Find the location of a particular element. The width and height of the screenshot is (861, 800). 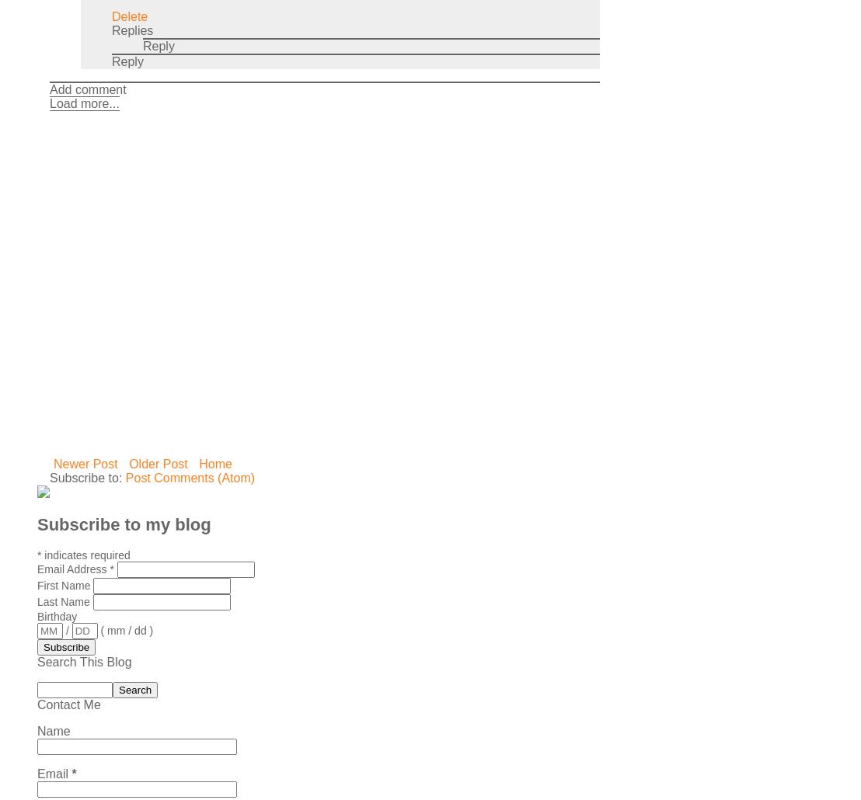

'Replies' is located at coordinates (131, 30).